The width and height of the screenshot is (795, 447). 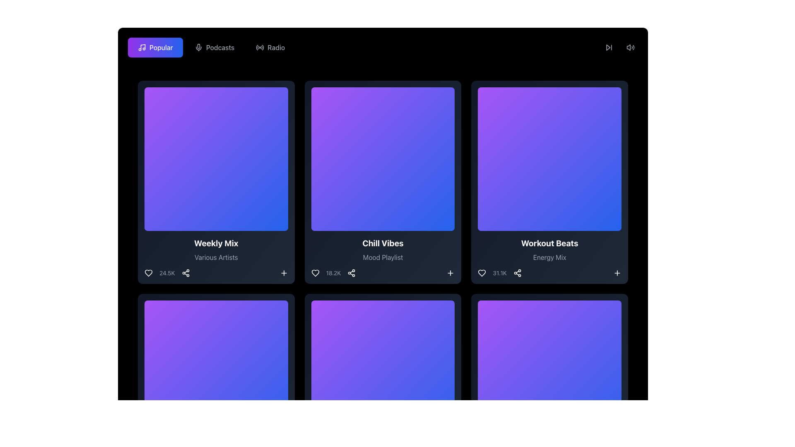 I want to click on the skip or volume icons in the top right corner of the control panel to interact with them, so click(x=620, y=48).